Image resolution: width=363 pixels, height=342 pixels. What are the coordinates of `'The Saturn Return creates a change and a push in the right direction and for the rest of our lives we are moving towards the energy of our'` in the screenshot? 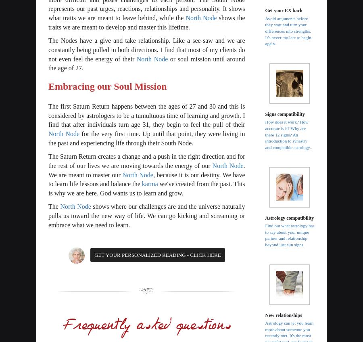 It's located at (146, 160).